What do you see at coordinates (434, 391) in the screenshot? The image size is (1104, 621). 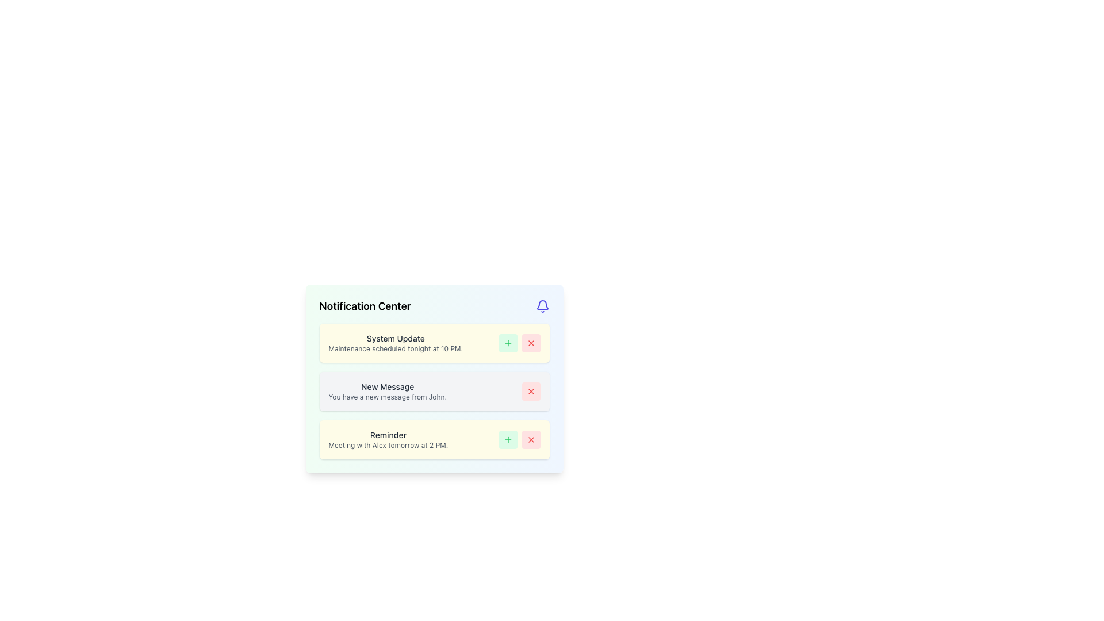 I see `notification that displays the message 'You have a new message from John.' located in the Notification Center` at bounding box center [434, 391].